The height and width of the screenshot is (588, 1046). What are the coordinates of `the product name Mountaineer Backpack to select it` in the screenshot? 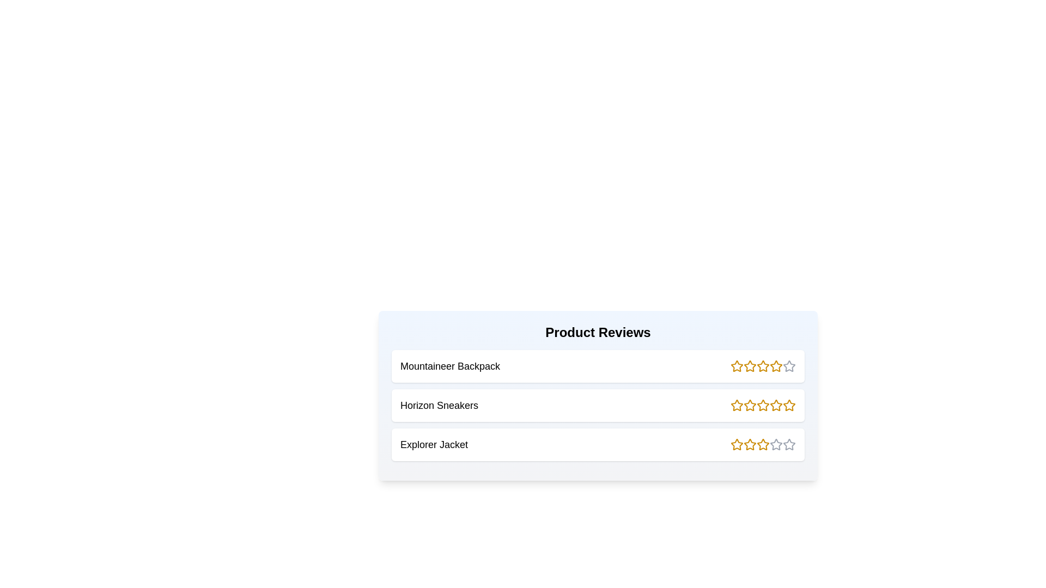 It's located at (450, 366).